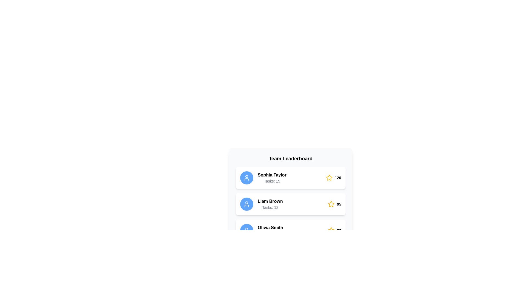 Image resolution: width=527 pixels, height=296 pixels. I want to click on the star icon that denotes the rating or favorite status of 'Liam Brown' in the leaderboard, located in the right corner of the list item row before the number '95', so click(331, 204).